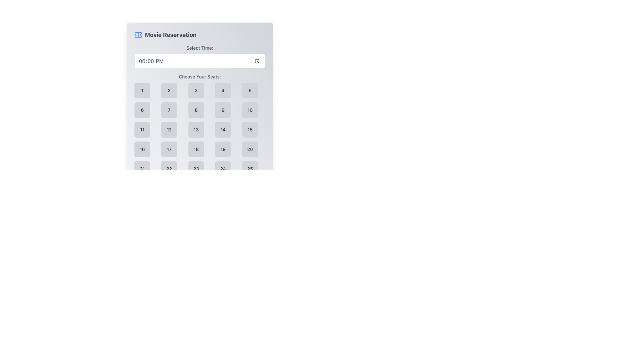 This screenshot has width=628, height=353. I want to click on the square button with rounded corners that has a light gray background and the number '3' in black at the center, positioned below the 'Choose Your Seats' label in the first row of a grid layout, so click(196, 91).